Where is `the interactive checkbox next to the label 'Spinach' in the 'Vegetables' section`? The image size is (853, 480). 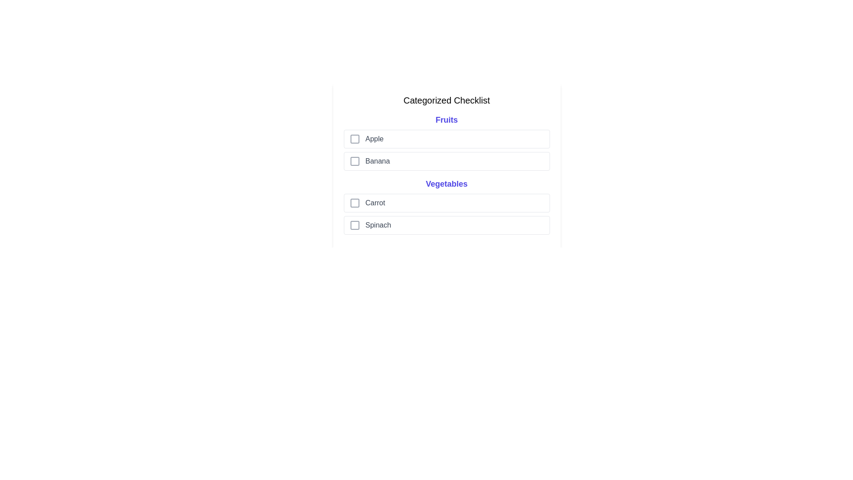
the interactive checkbox next to the label 'Spinach' in the 'Vegetables' section is located at coordinates (354, 224).